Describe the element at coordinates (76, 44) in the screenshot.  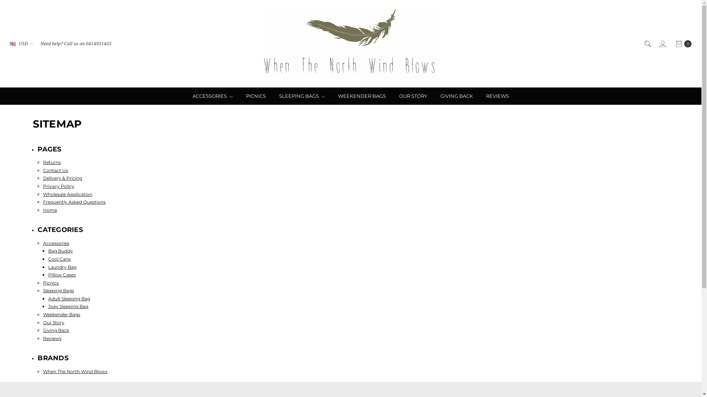
I see `'Need help? Call us on 0414931455'` at that location.